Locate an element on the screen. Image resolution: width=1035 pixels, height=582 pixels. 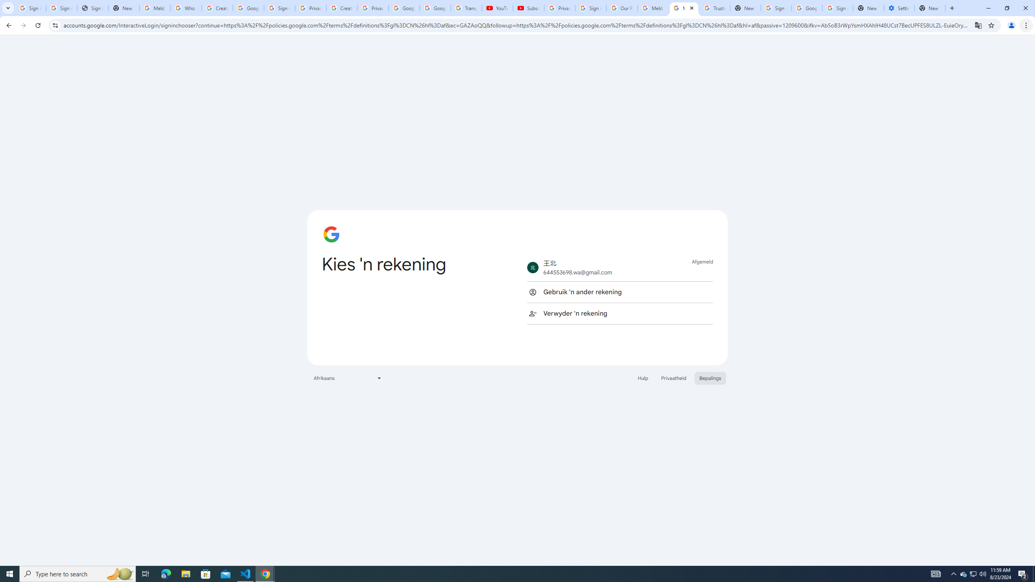
'Bepalings' is located at coordinates (710, 377).